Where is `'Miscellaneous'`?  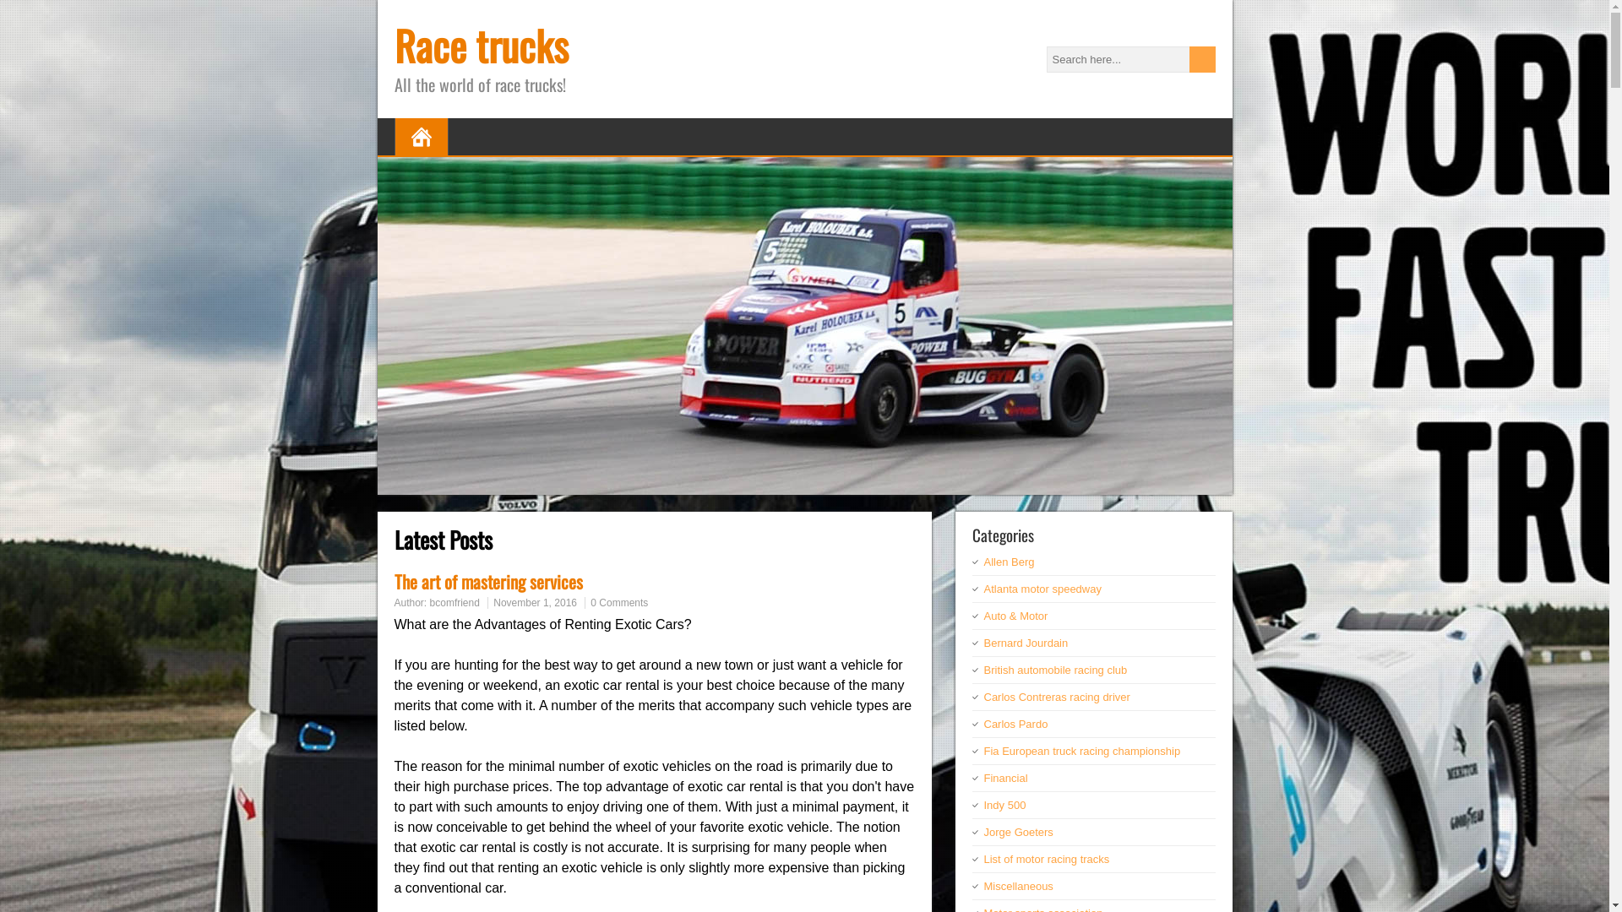
'Miscellaneous' is located at coordinates (1016, 885).